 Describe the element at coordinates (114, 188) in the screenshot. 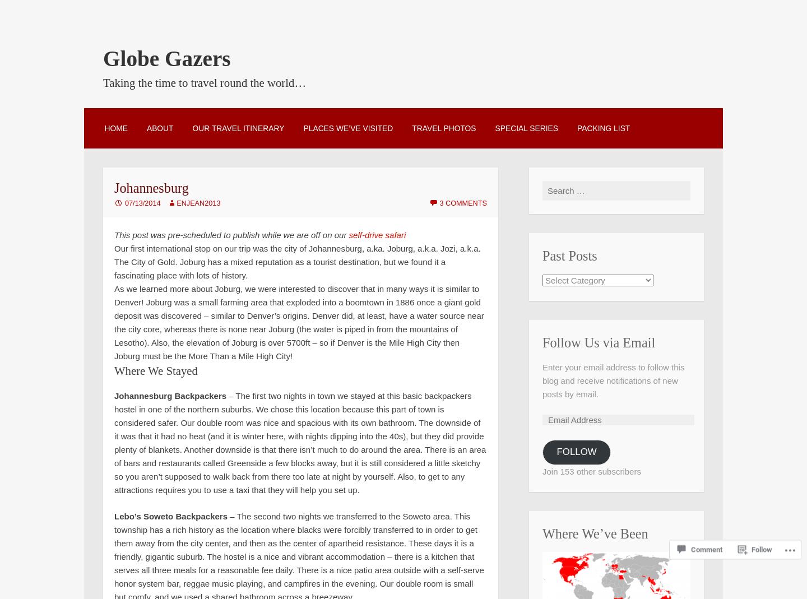

I see `'Johannesburg'` at that location.